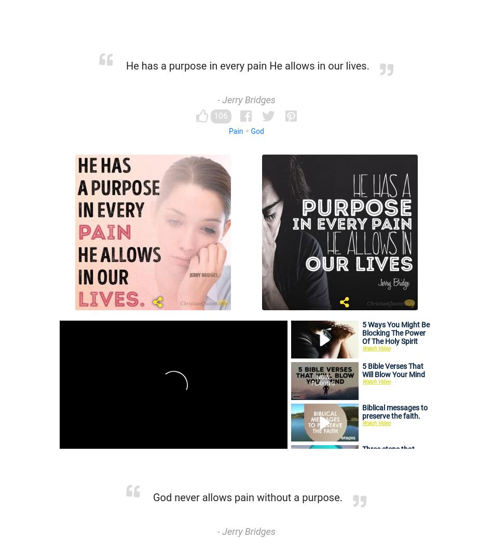 The image size is (493, 538). I want to click on '3M', so click(328, 412).